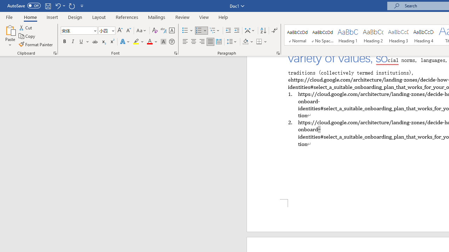 The width and height of the screenshot is (449, 252). I want to click on 'Bullets', so click(185, 30).